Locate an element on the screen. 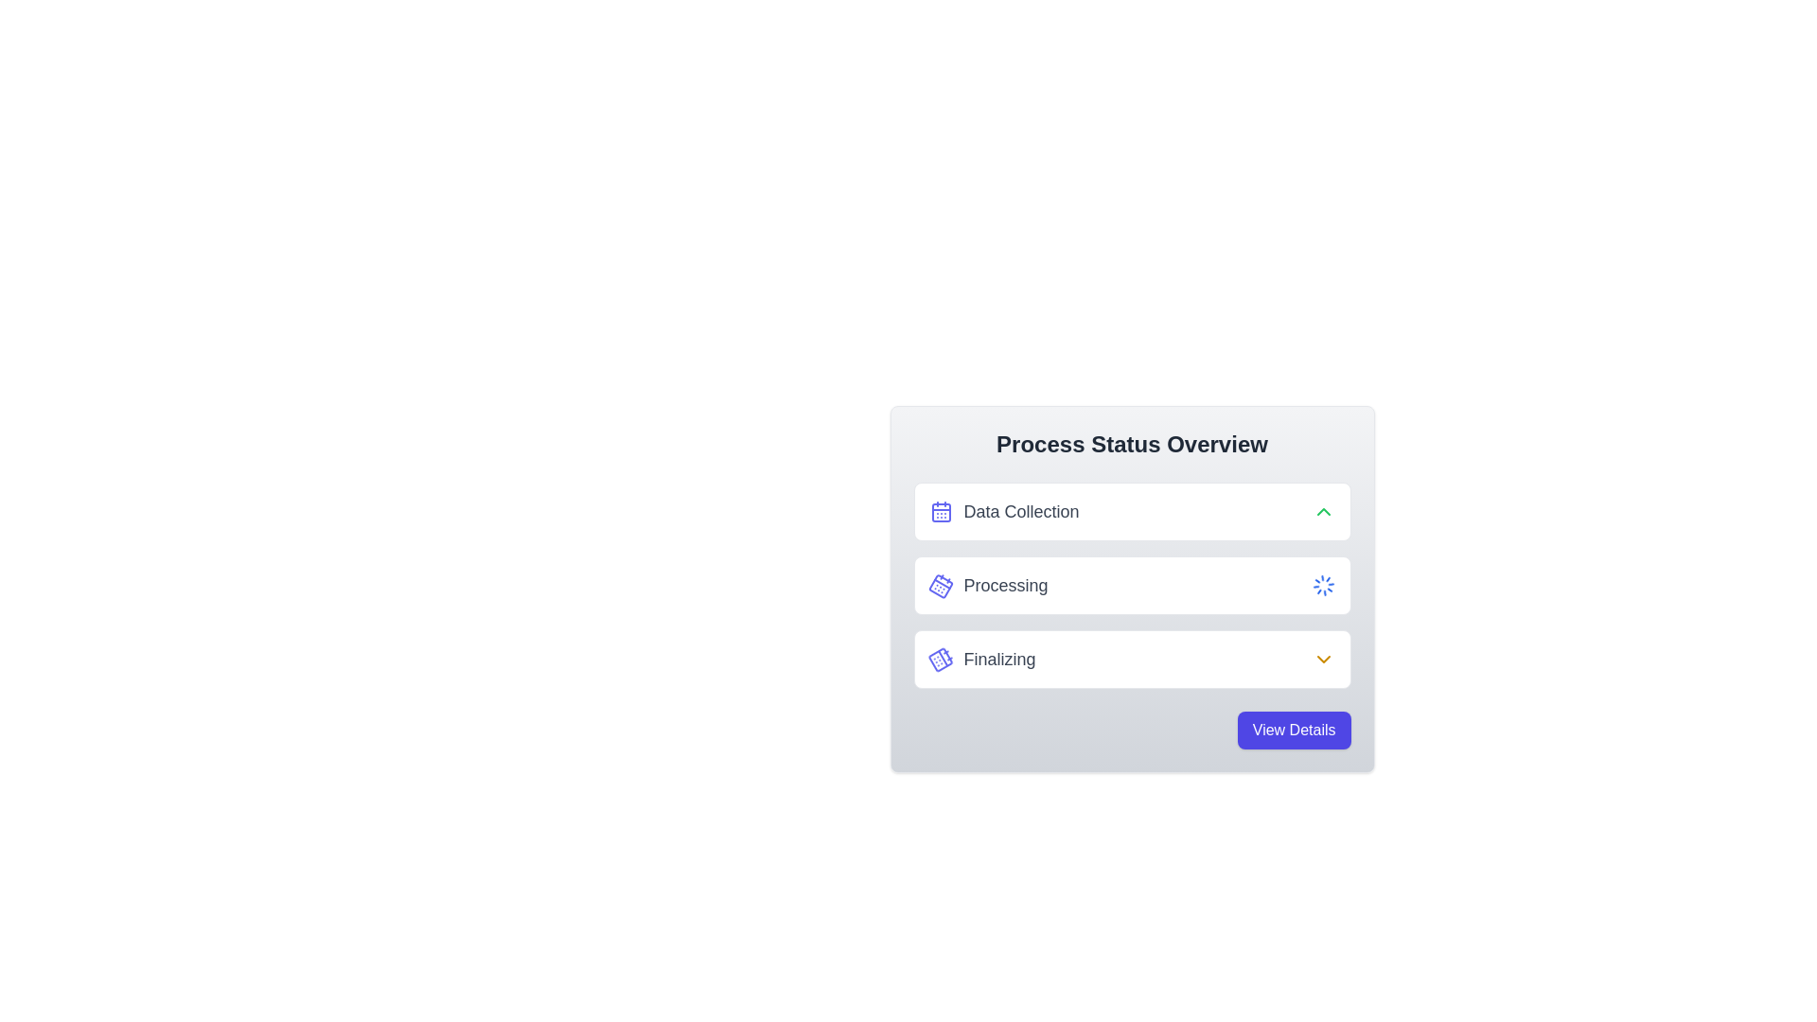 The height and width of the screenshot is (1022, 1817). the 'Processing' text label, which is the second entry in a vertical list of status labels, displayed in medium-sized gray font with a slightly bold style is located at coordinates (1005, 584).